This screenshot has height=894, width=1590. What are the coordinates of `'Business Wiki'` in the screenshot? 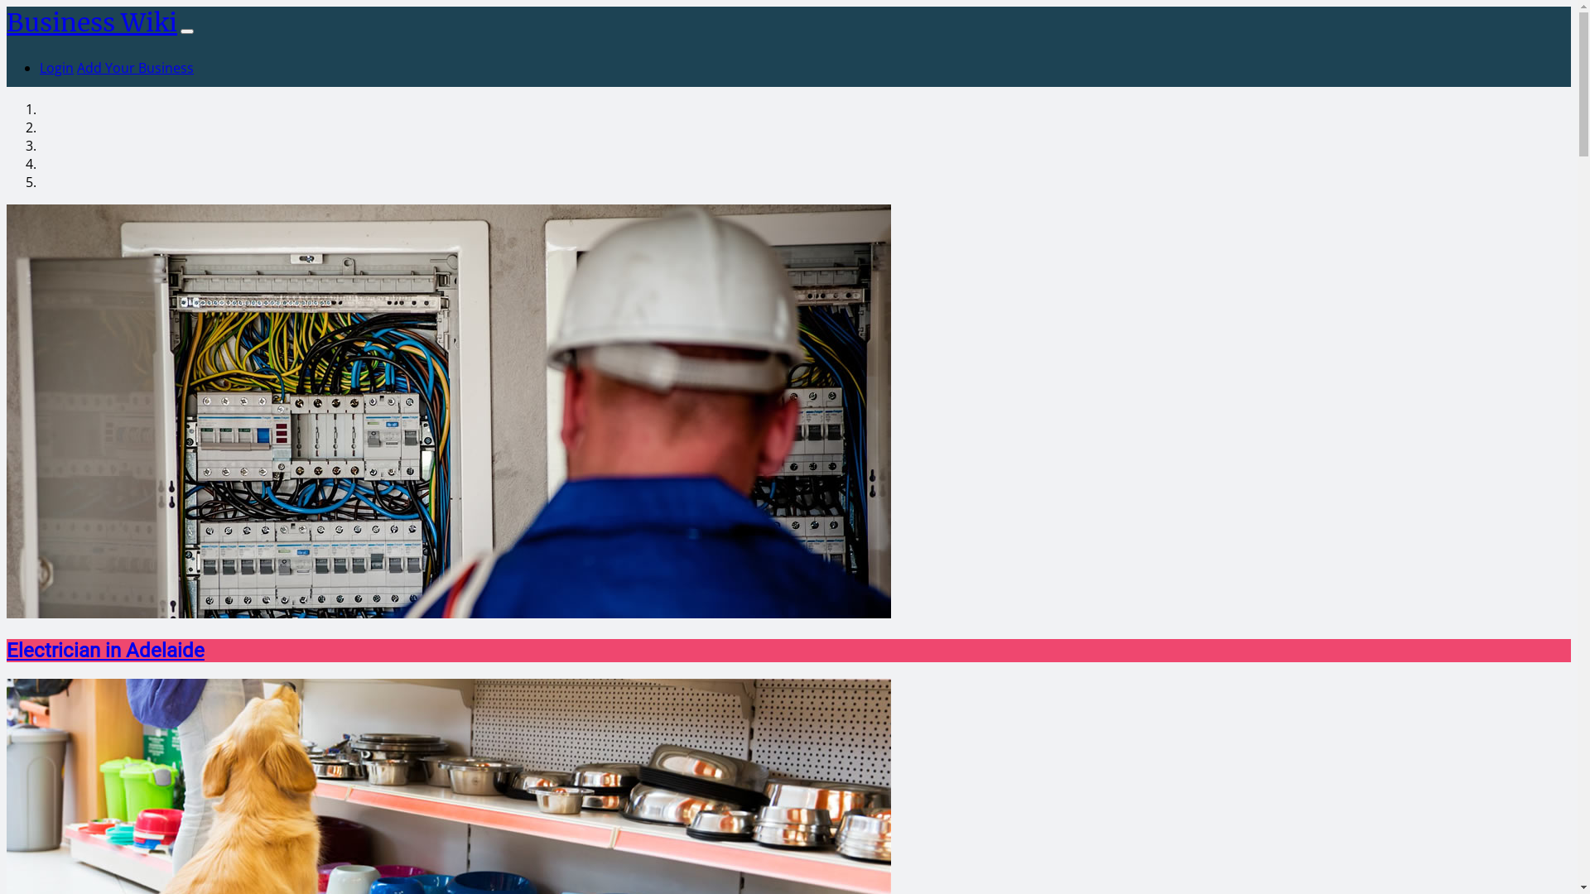 It's located at (90, 22).